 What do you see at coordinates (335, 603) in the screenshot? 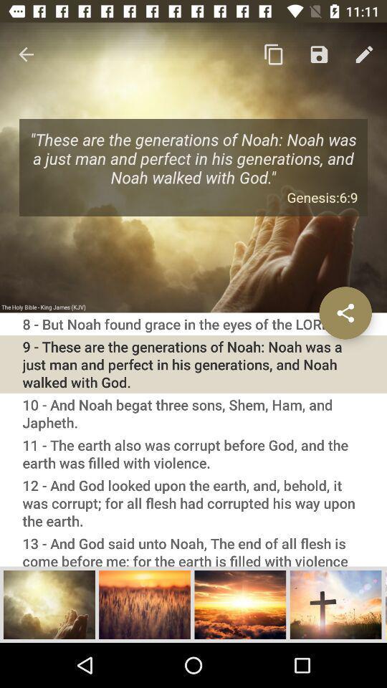
I see `the add icon` at bounding box center [335, 603].